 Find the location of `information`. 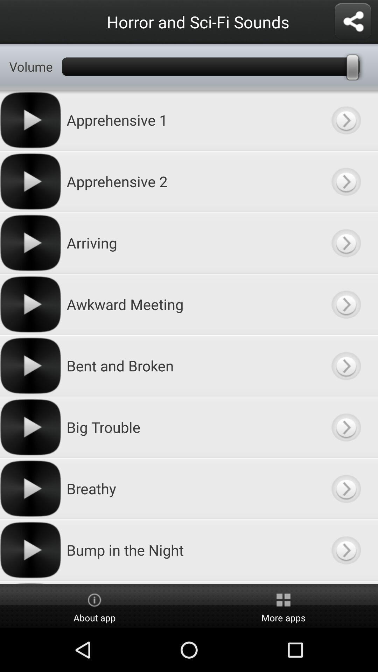

information is located at coordinates (345, 120).